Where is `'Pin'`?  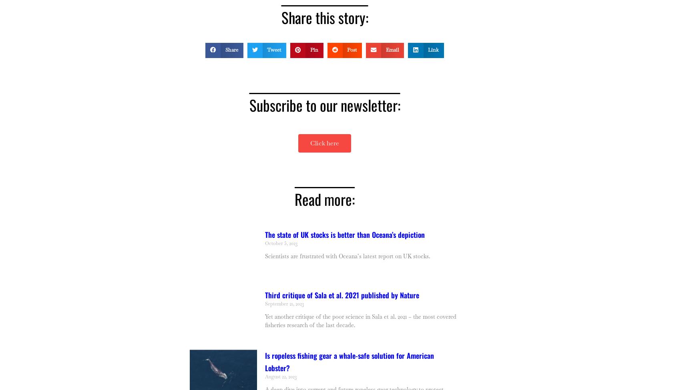 'Pin' is located at coordinates (313, 49).